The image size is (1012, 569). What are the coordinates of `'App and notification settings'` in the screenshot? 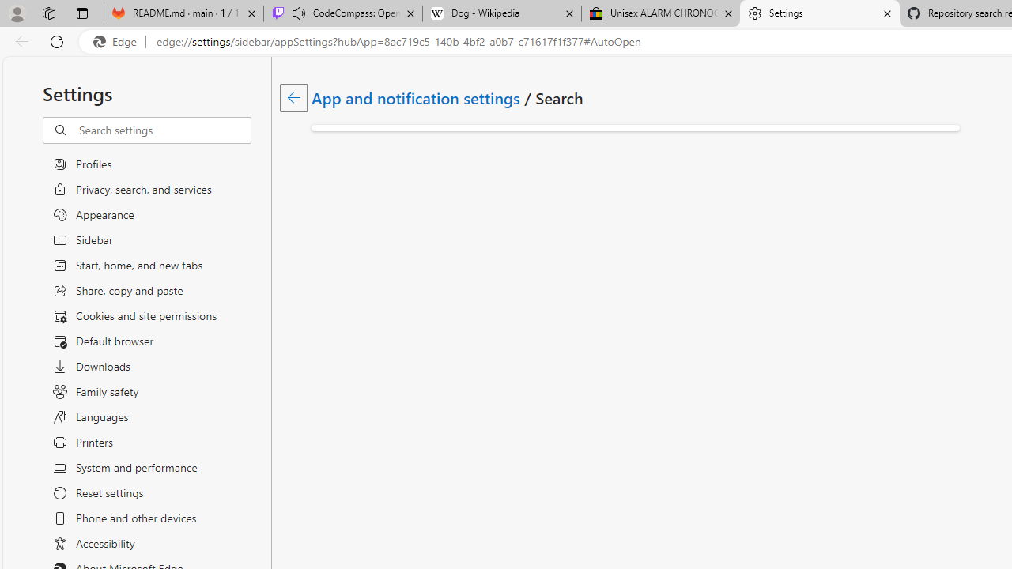 It's located at (417, 97).